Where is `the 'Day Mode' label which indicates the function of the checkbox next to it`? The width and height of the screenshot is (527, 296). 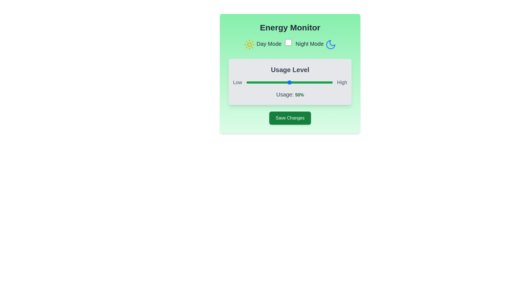 the 'Day Mode' label which indicates the function of the checkbox next to it is located at coordinates (269, 44).